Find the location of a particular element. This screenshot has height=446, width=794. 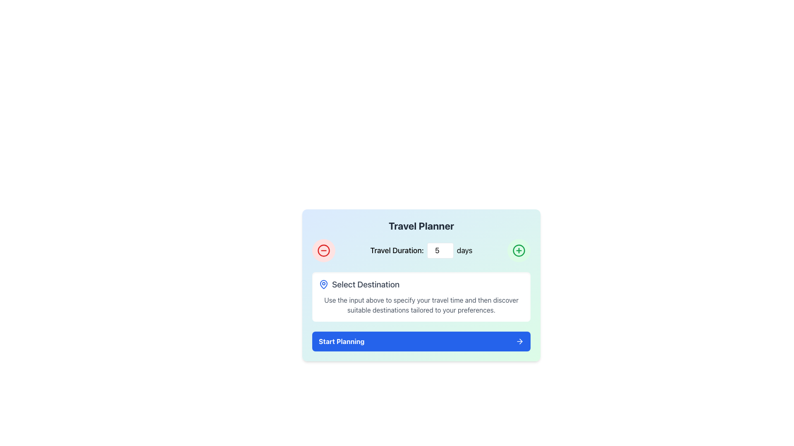

the text label displaying 'Travel Duration:' which is positioned to the left of a numeric input box and above the text 'days.' is located at coordinates (397, 250).